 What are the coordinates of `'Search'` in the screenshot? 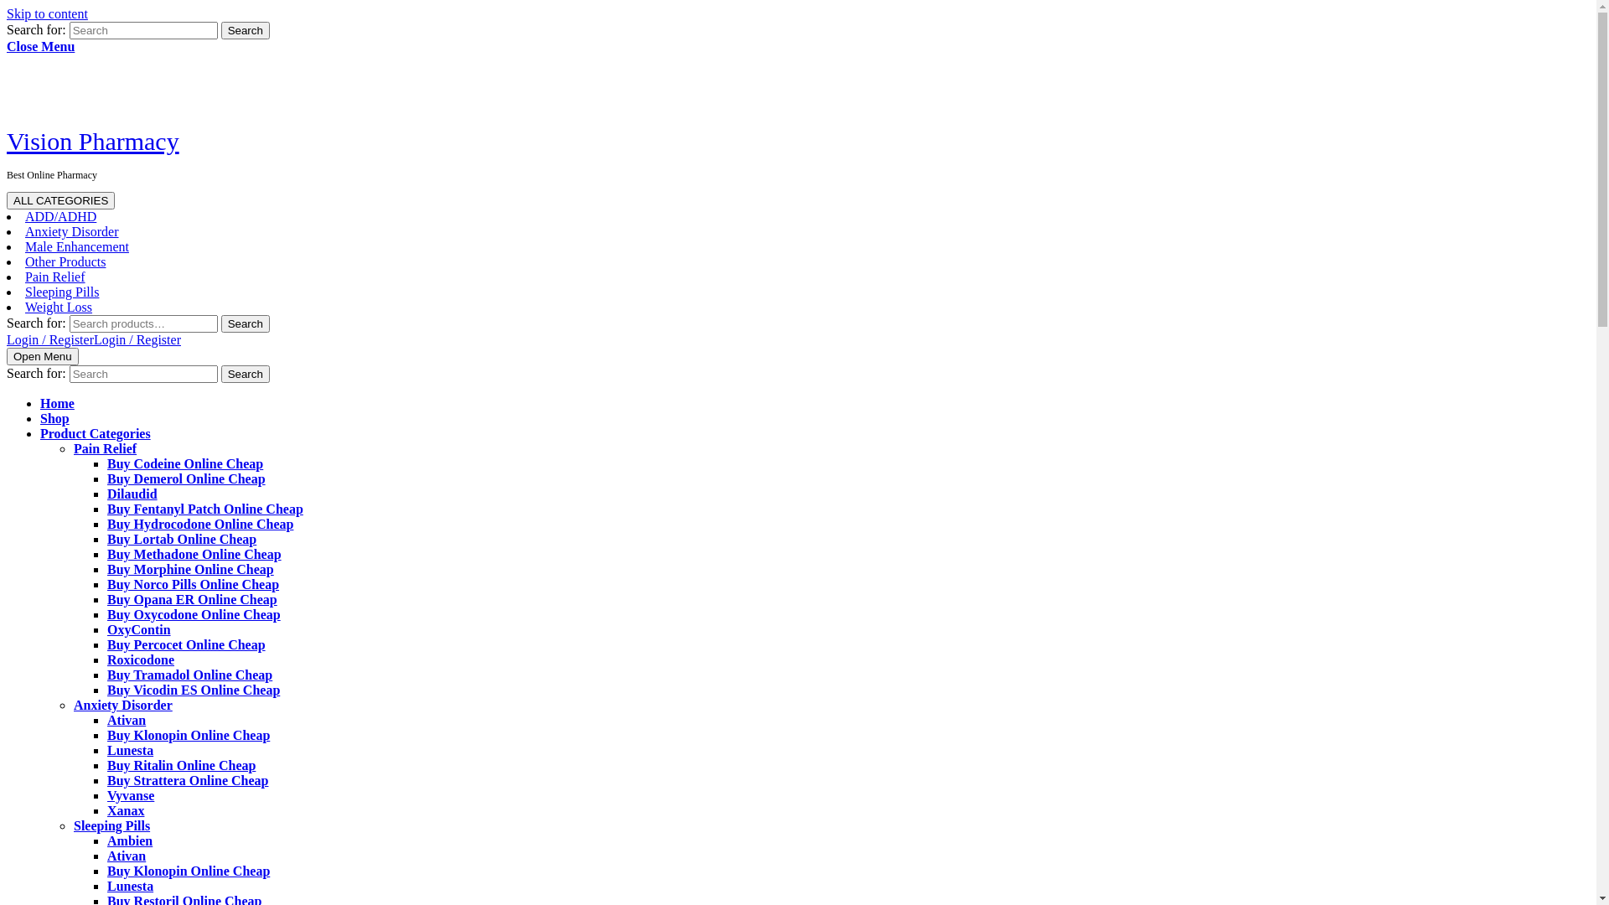 It's located at (244, 323).